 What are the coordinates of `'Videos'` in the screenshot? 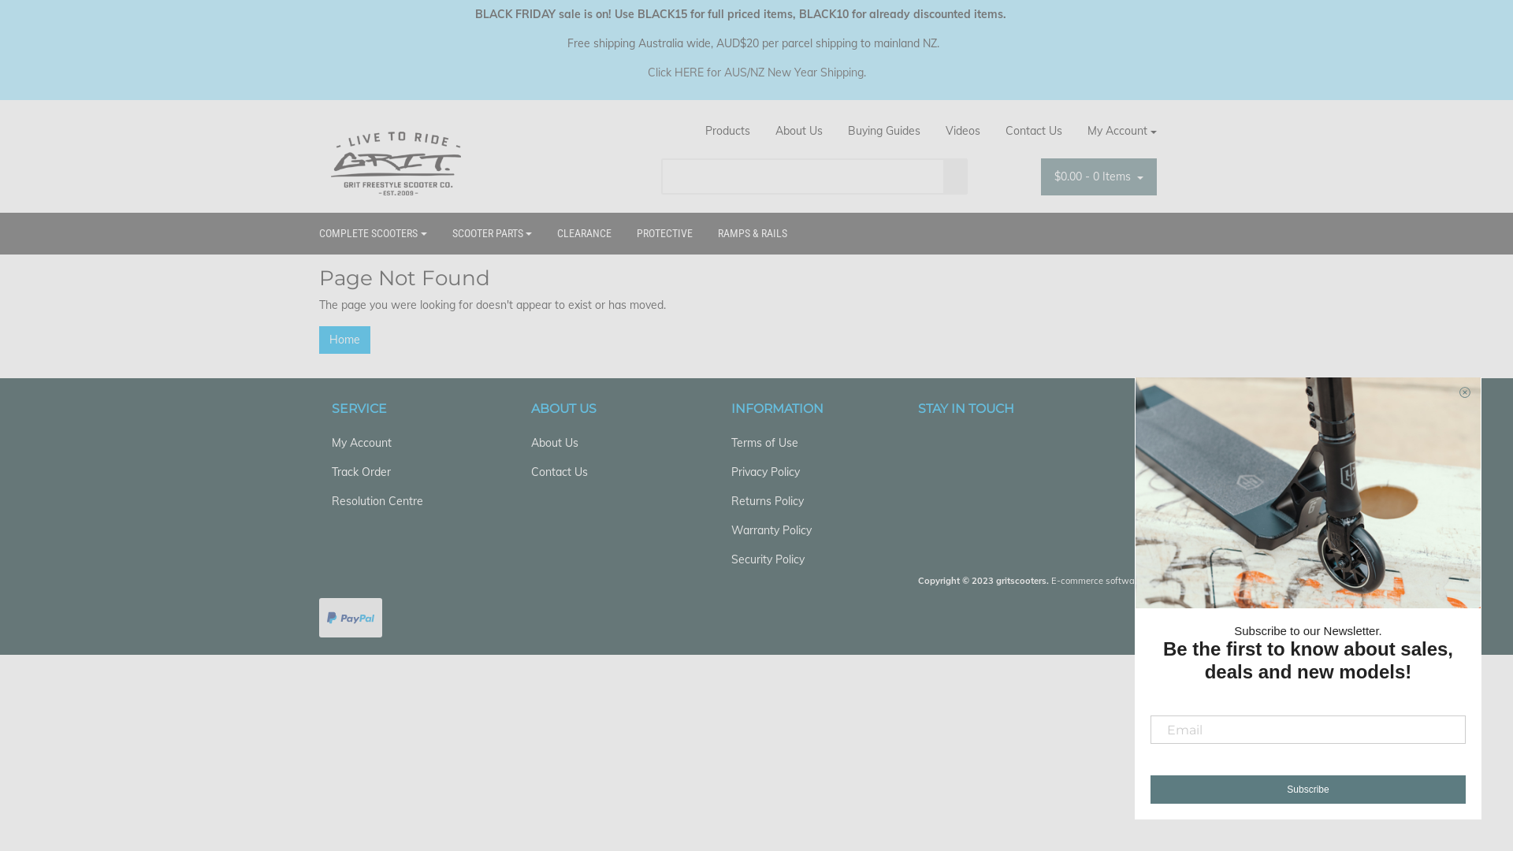 It's located at (962, 130).